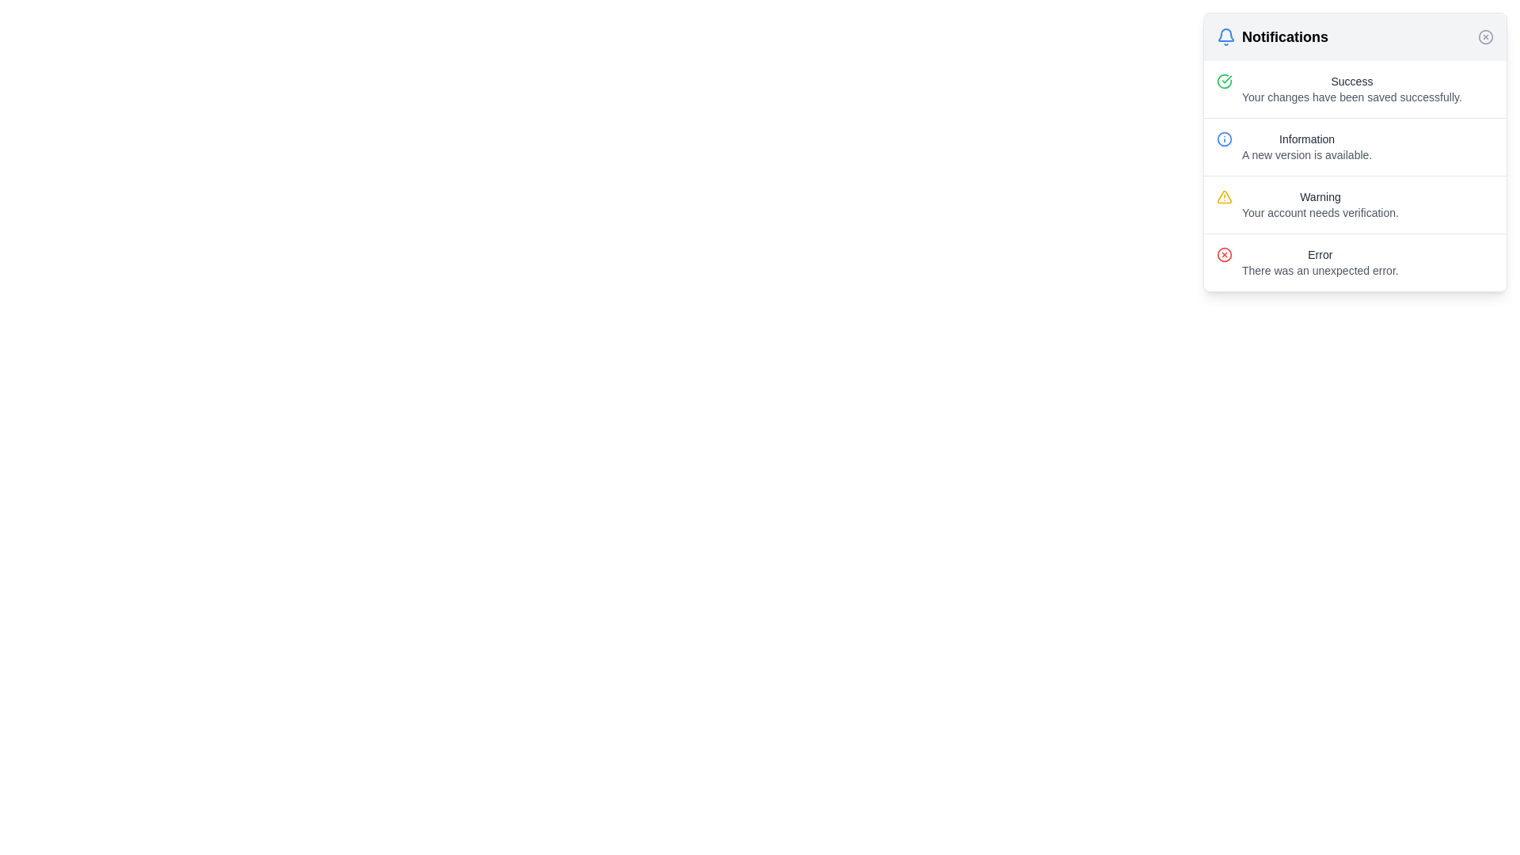 This screenshot has height=855, width=1520. Describe the element at coordinates (1320, 270) in the screenshot. I see `error message text located in the notification panel, specifically the second line within the 'Error' block, just below the title 'Error'` at that location.